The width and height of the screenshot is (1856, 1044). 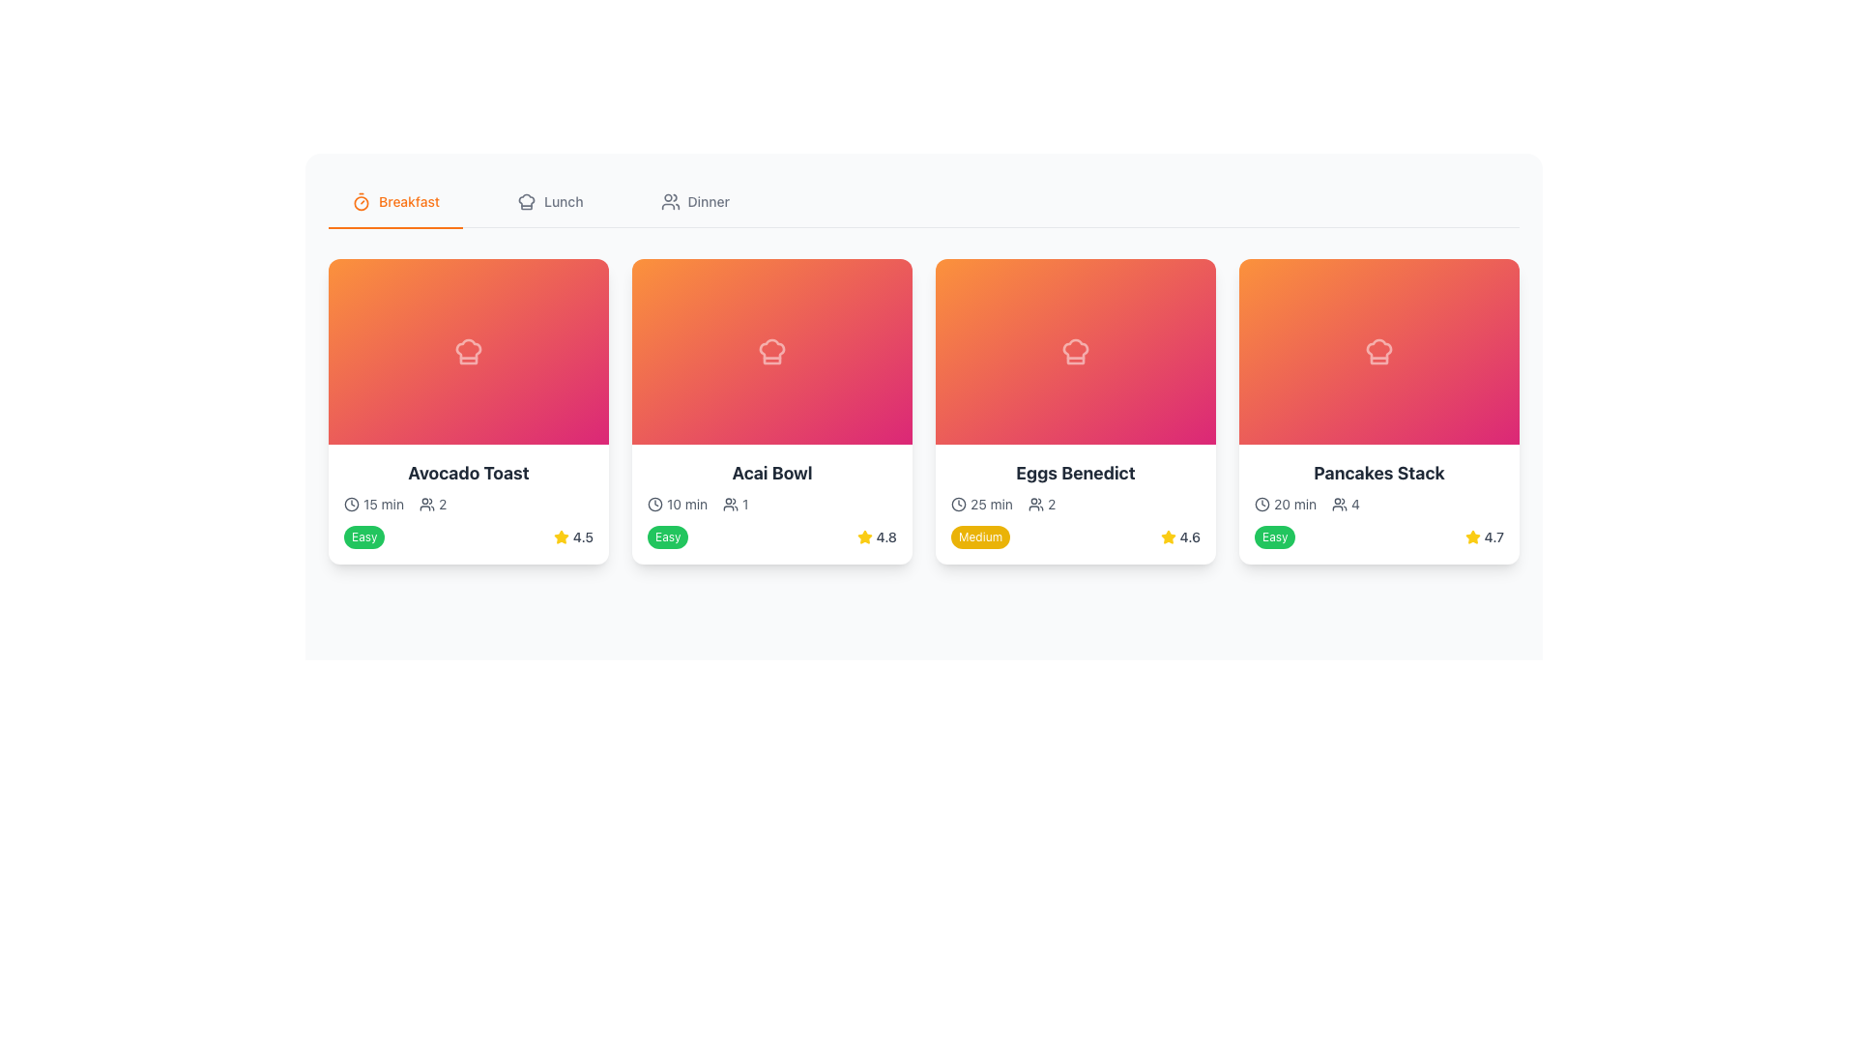 I want to click on the text label for the recipe 'Avocado Toast', which is located at the top of the card and centered horizontally above the metadata section, so click(x=468, y=473).